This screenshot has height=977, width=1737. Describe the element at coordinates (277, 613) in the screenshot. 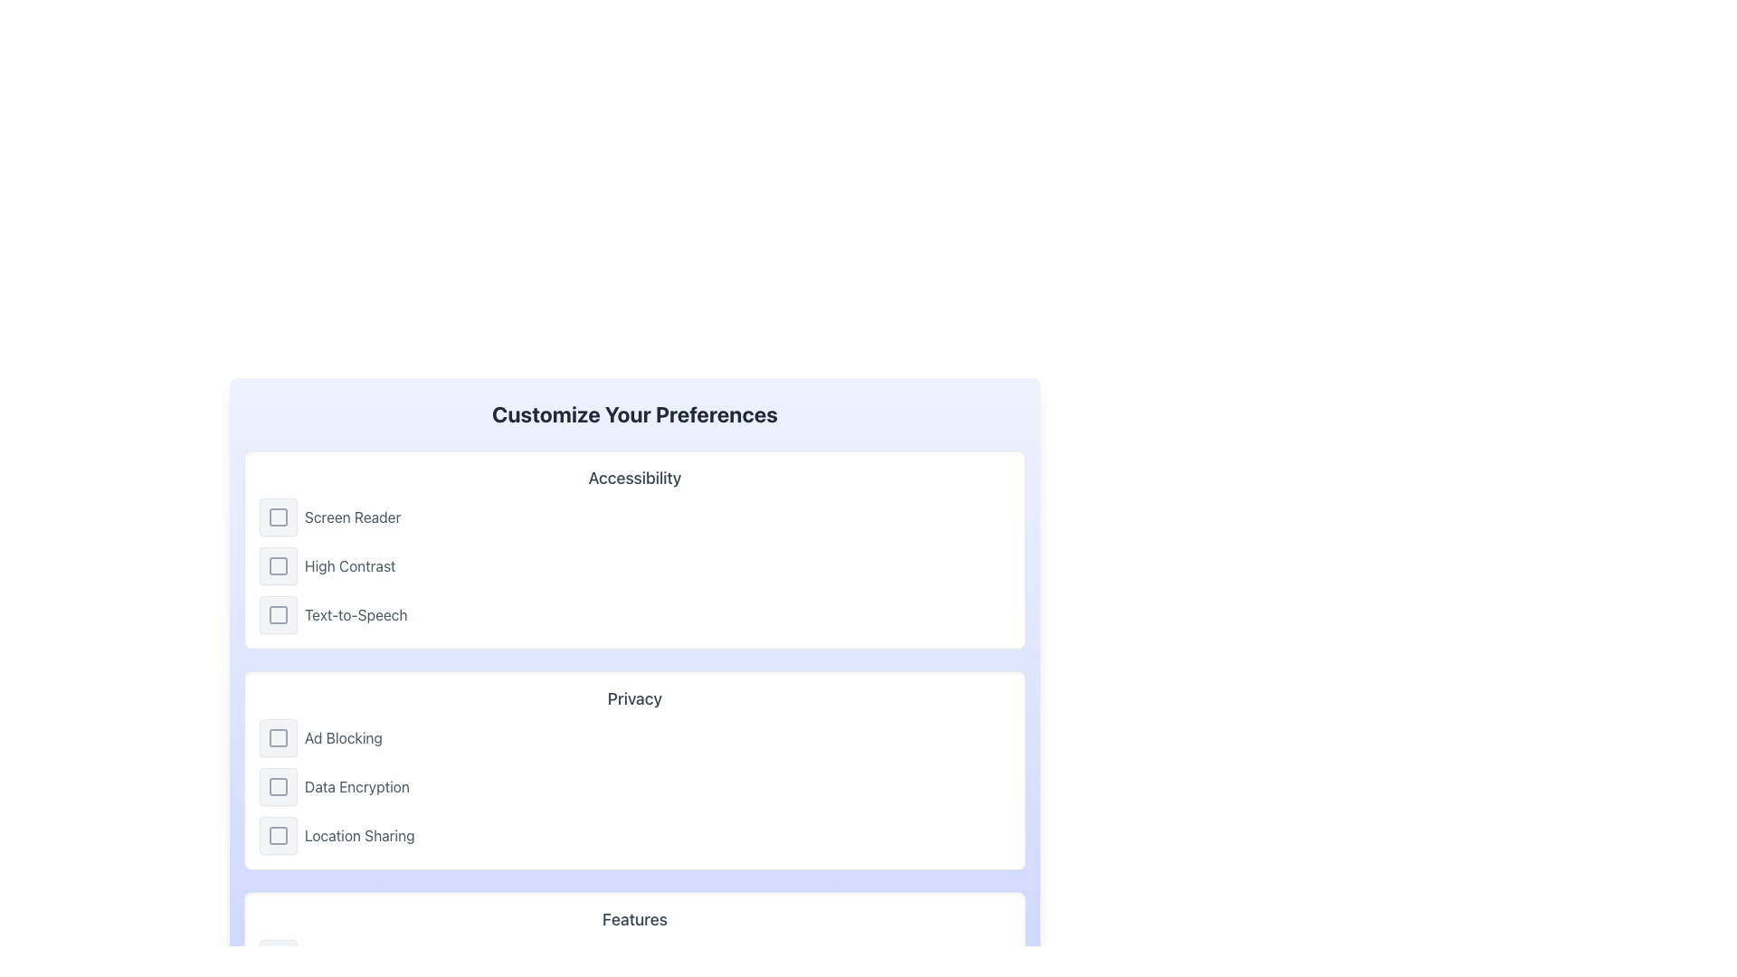

I see `the unchecked Checkbox indicator for the 'Text-to-Speech' option in the Accessibility category` at that location.